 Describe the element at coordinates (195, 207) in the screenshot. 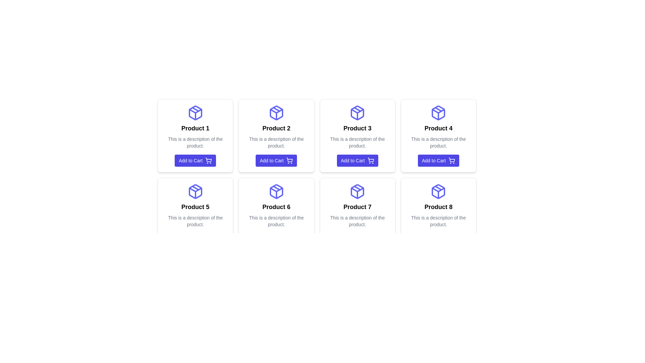

I see `text from the Text Label displaying 'Product 5' in bold, located in the first card of the second row of the grid layout, above the product description` at that location.